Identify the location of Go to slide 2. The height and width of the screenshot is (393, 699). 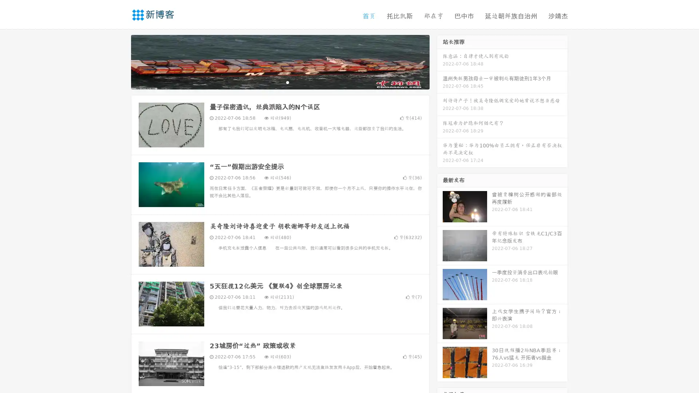
(280, 82).